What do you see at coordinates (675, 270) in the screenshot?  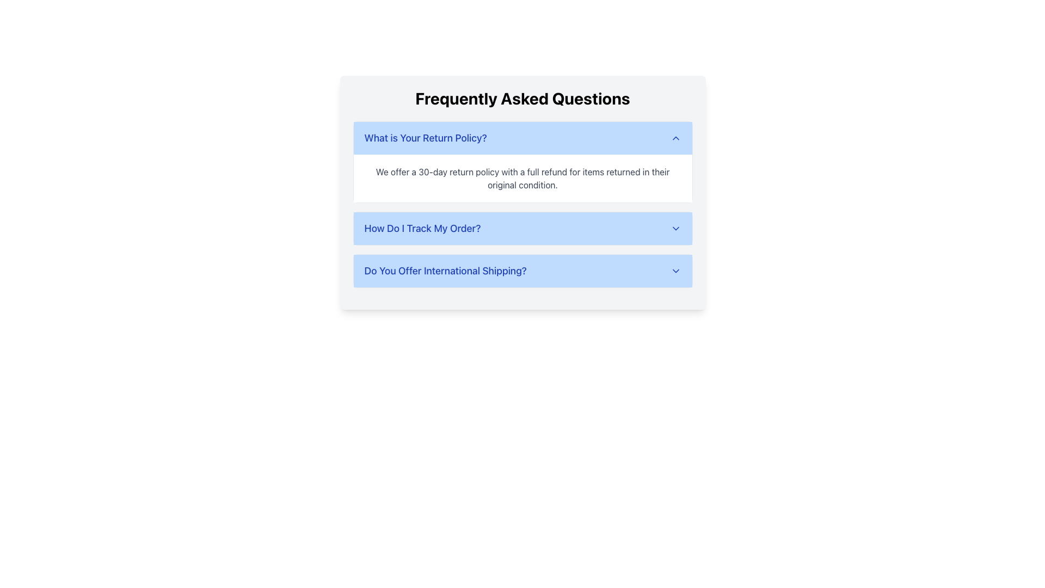 I see `the downward-pointing chevron icon` at bounding box center [675, 270].